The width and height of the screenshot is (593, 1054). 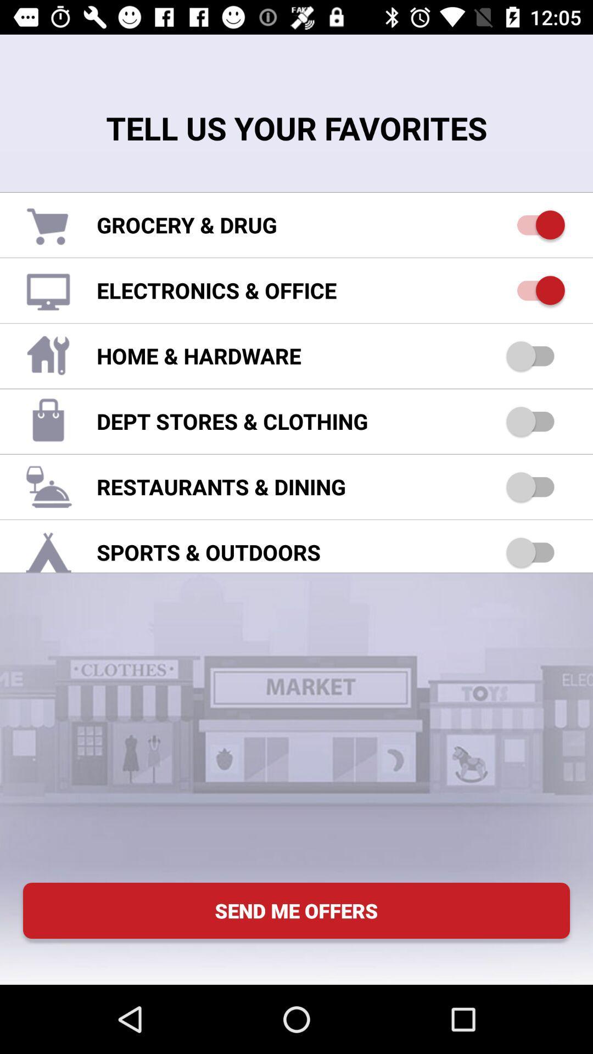 What do you see at coordinates (535, 290) in the screenshot?
I see `change option` at bounding box center [535, 290].